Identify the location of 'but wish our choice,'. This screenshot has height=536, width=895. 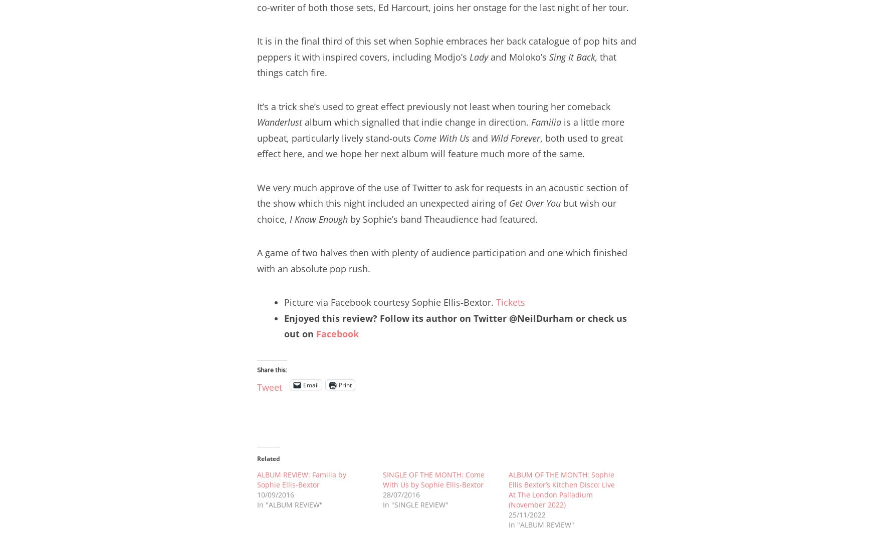
(436, 211).